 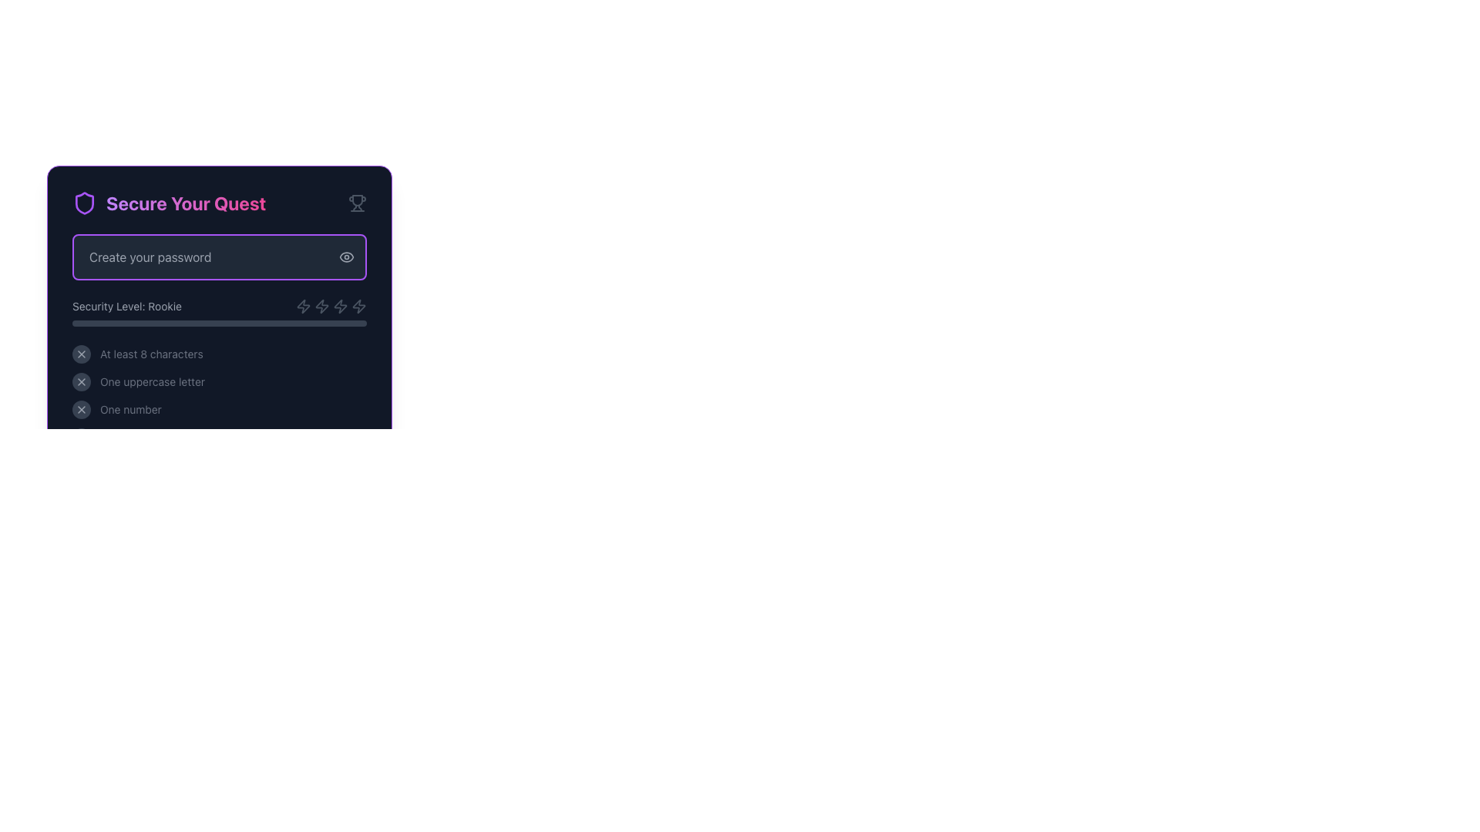 What do you see at coordinates (303, 306) in the screenshot?
I see `the lightning bolt icon, which is the first in a horizontal sequence of icons beneath the 'Security Level: Rookie' label` at bounding box center [303, 306].